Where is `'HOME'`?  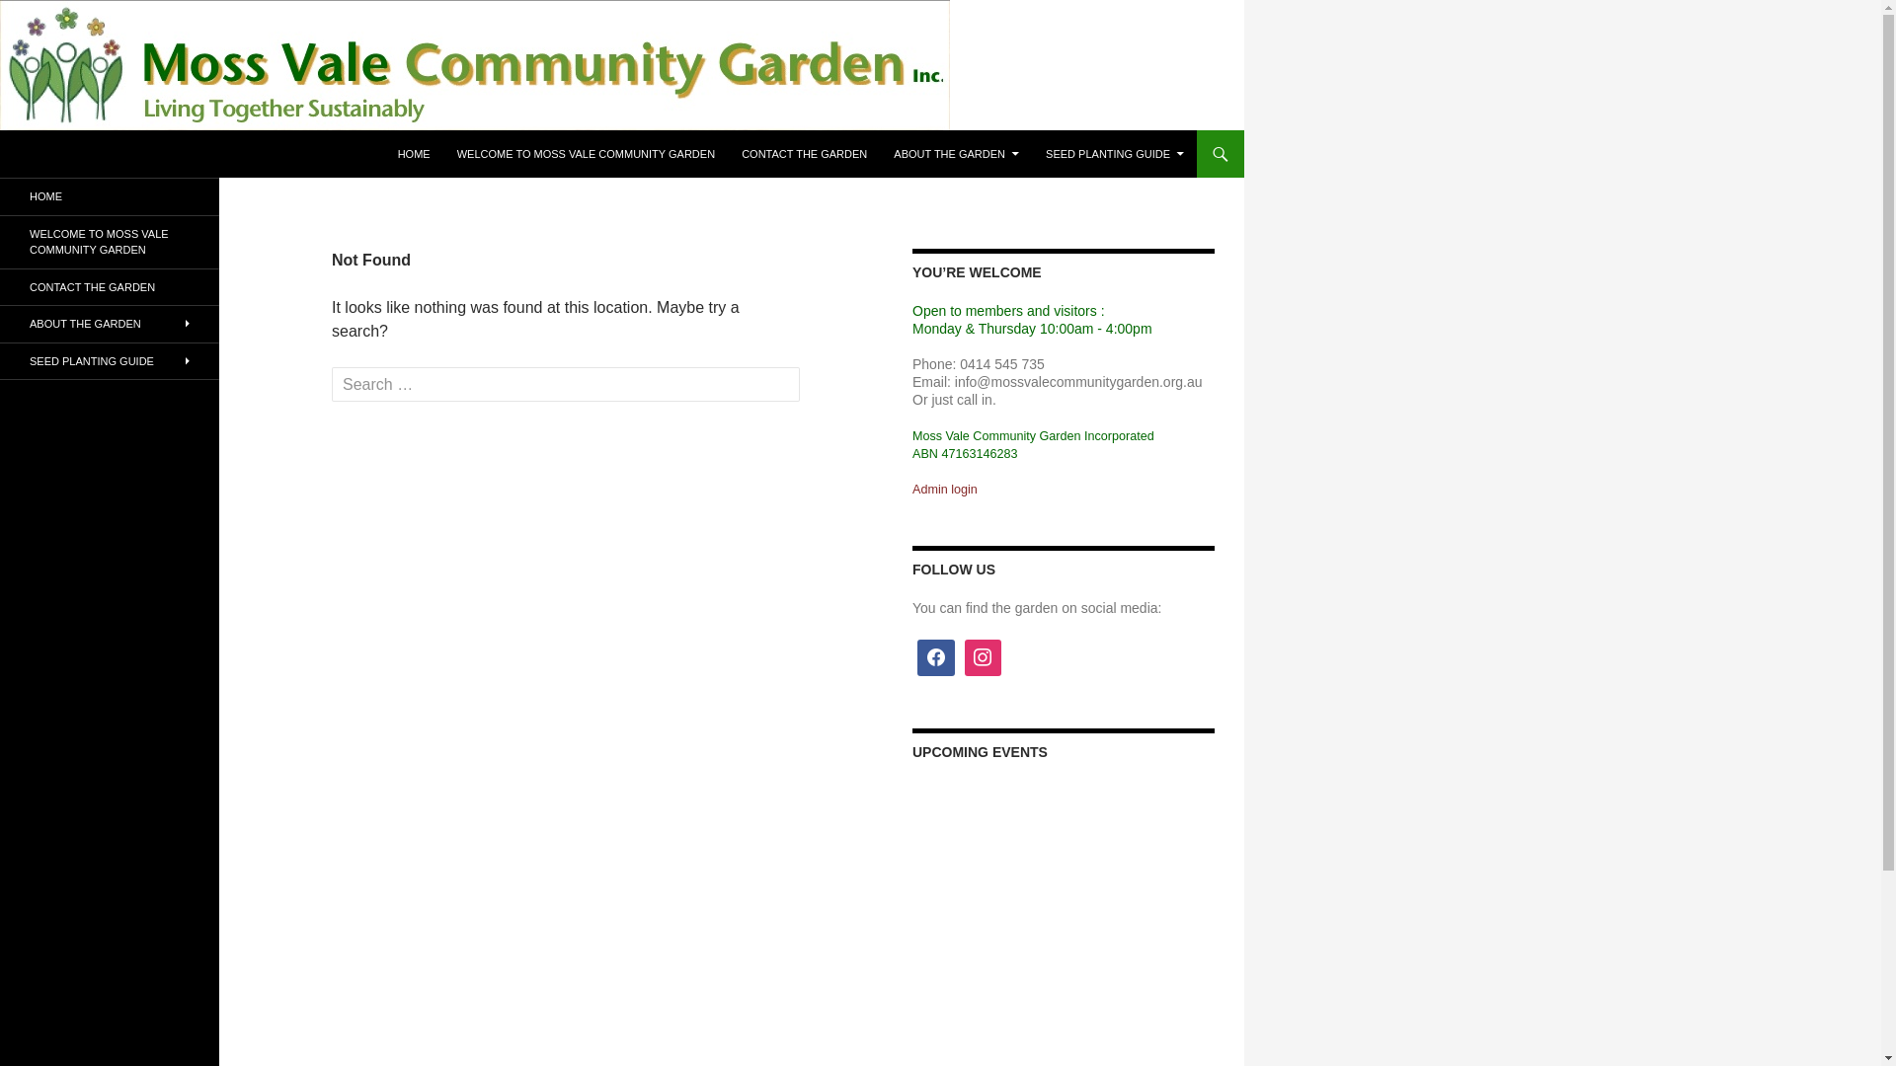 'HOME' is located at coordinates (108, 196).